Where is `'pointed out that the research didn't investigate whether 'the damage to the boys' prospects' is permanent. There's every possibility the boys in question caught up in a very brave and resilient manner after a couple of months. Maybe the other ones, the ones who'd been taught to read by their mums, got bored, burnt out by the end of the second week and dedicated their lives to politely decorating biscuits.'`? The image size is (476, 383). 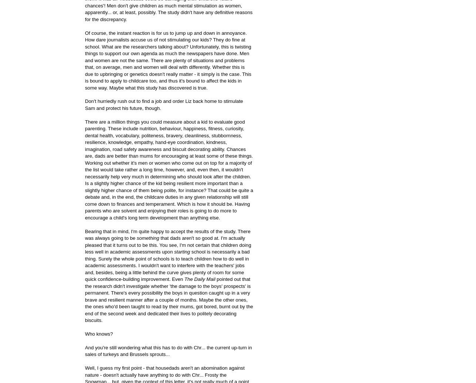
'pointed out that the research didn't investigate whether 'the damage to the boys' prospects' is permanent. There's every possibility the boys in question caught up in a very brave and resilient manner after a couple of months. Maybe the other ones, the ones who'd been taught to read by their mums, got bored, burnt out by the end of the second week and dedicated their lives to politely decorating biscuits.' is located at coordinates (169, 299).